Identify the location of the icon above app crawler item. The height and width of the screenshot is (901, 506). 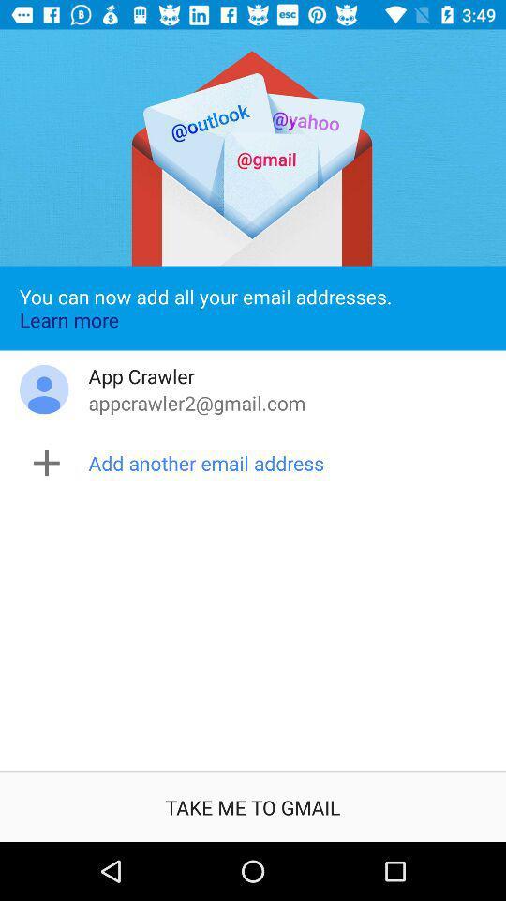
(253, 308).